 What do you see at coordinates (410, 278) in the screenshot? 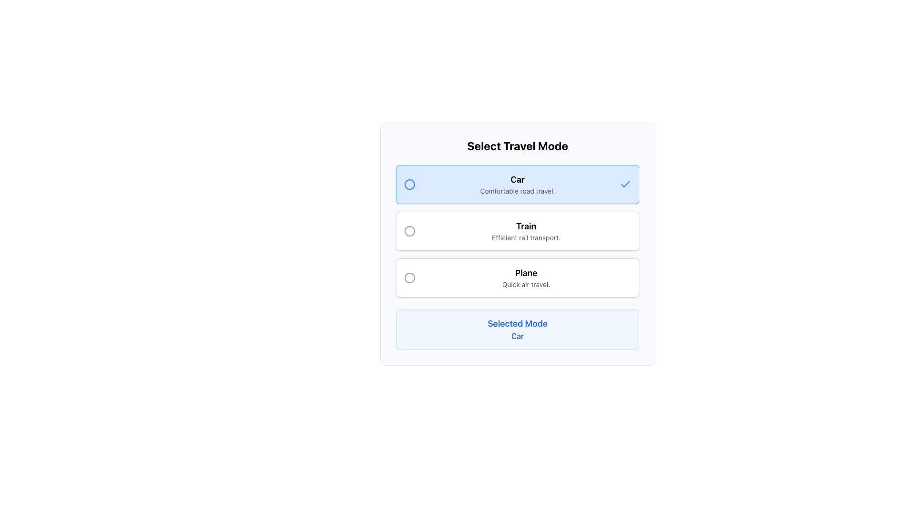
I see `the 'Plane' travel mode selection icon located inside the third option in the list of travel modes, positioned to the left of the text content 'Plane' and 'Quick air travel.'` at bounding box center [410, 278].